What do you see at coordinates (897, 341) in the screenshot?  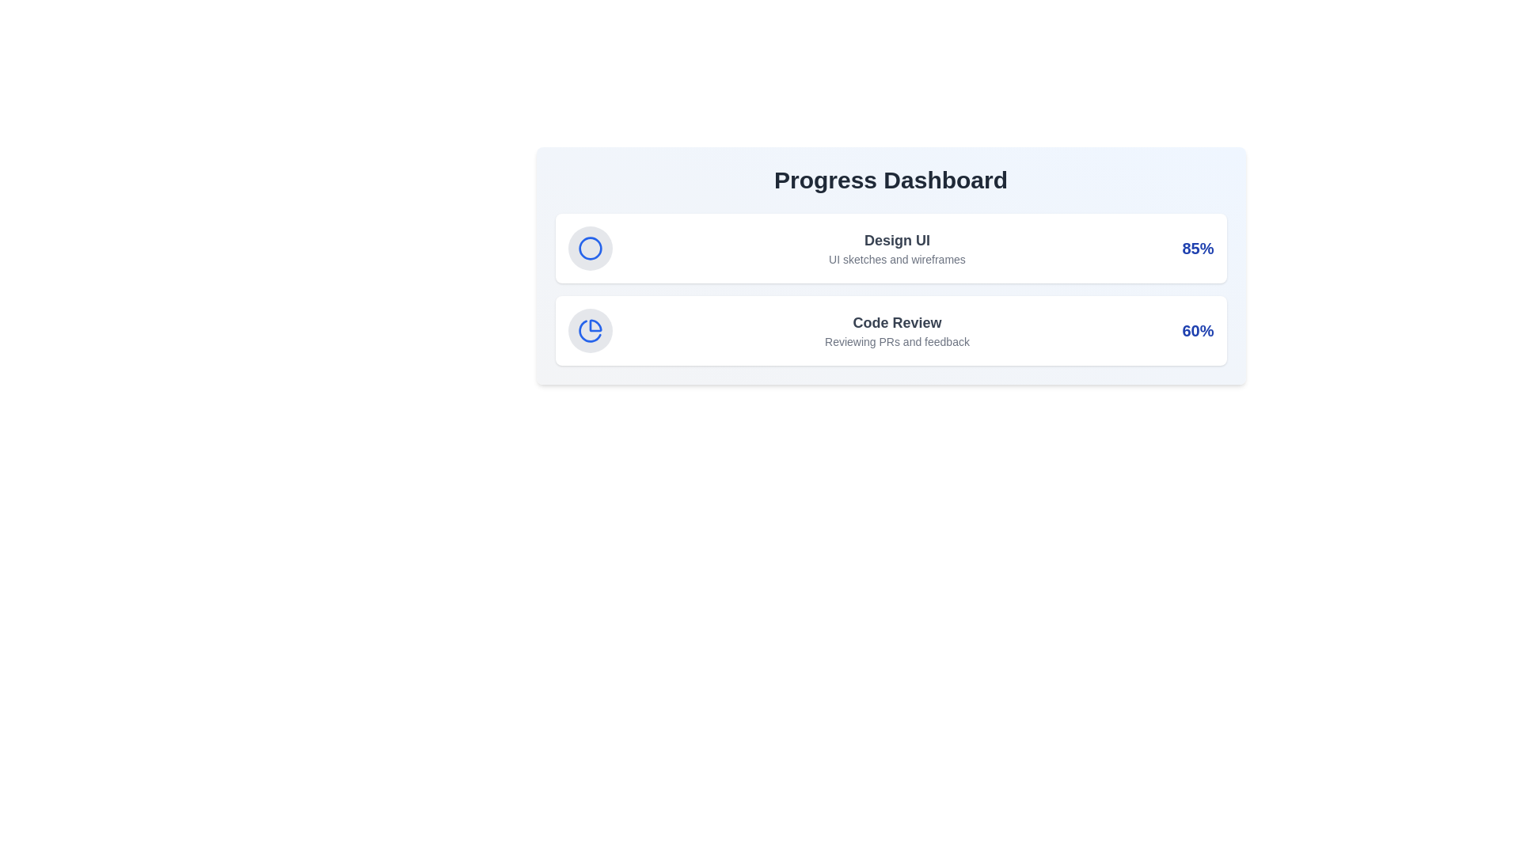 I see `description text block located directly beneath the 'Code Review' heading, which provides additional context for that section` at bounding box center [897, 341].